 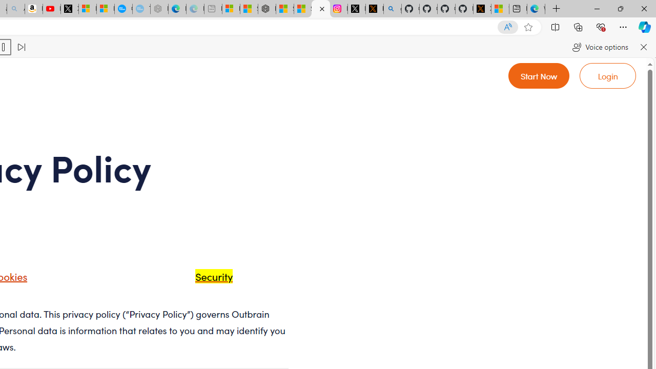 What do you see at coordinates (51, 9) in the screenshot?
I see `'Day 1: Arriving in Yemen (surreal to be here) - YouTube'` at bounding box center [51, 9].